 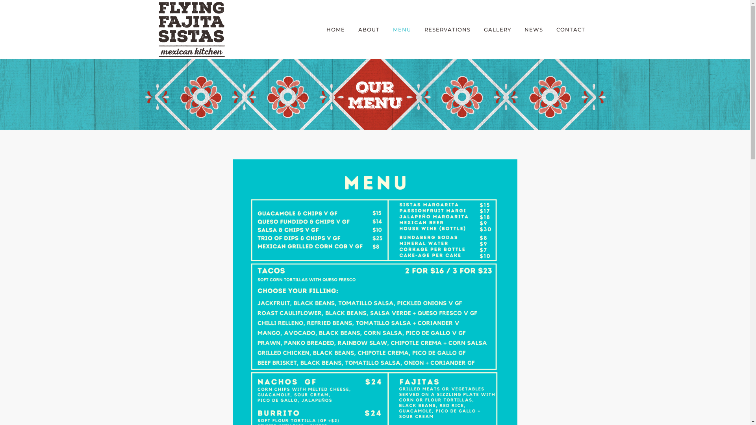 I want to click on 'GALLERY', so click(x=476, y=29).